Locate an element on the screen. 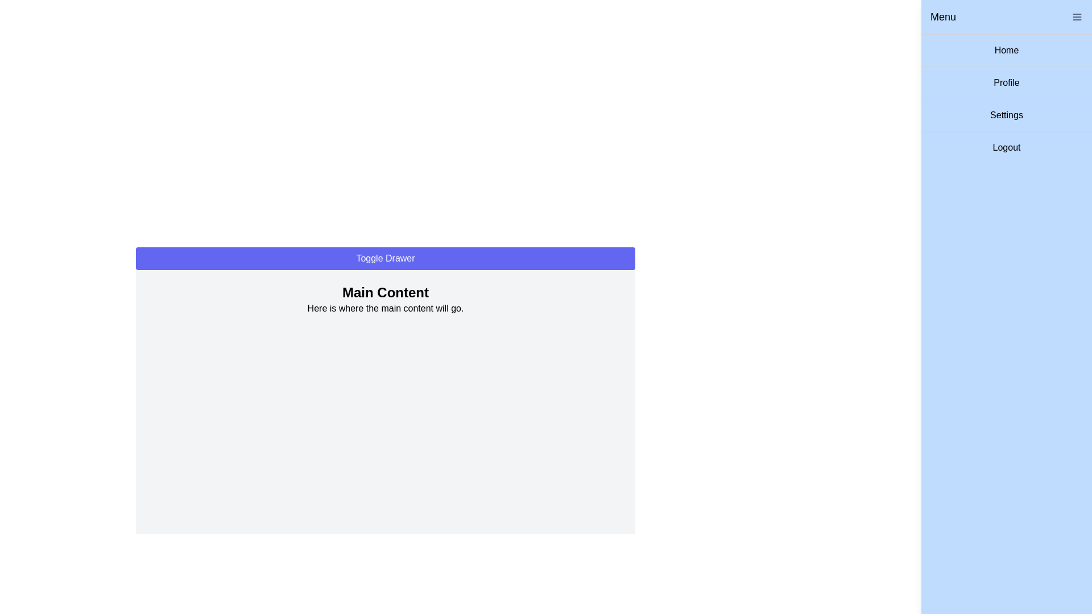 The height and width of the screenshot is (614, 1092). the Text Label positioned near the top-right corner of the menu panel, which indicates the section context for the menu options is located at coordinates (943, 17).